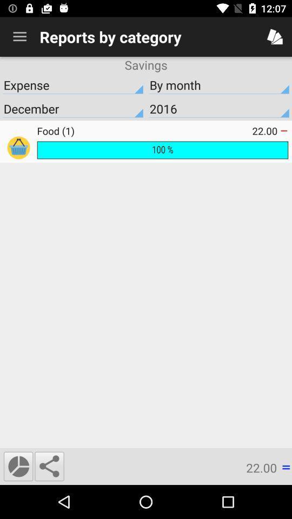 This screenshot has width=292, height=519. I want to click on the icon next to 22.00 icon, so click(49, 465).